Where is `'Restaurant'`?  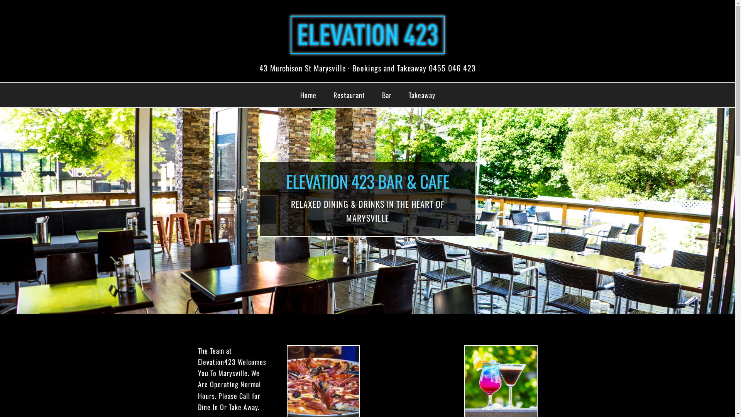
'Restaurant' is located at coordinates (349, 95).